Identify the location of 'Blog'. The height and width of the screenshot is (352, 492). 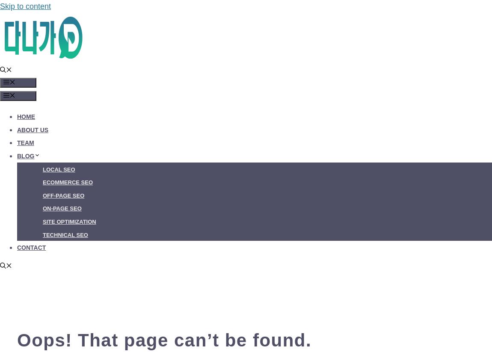
(25, 156).